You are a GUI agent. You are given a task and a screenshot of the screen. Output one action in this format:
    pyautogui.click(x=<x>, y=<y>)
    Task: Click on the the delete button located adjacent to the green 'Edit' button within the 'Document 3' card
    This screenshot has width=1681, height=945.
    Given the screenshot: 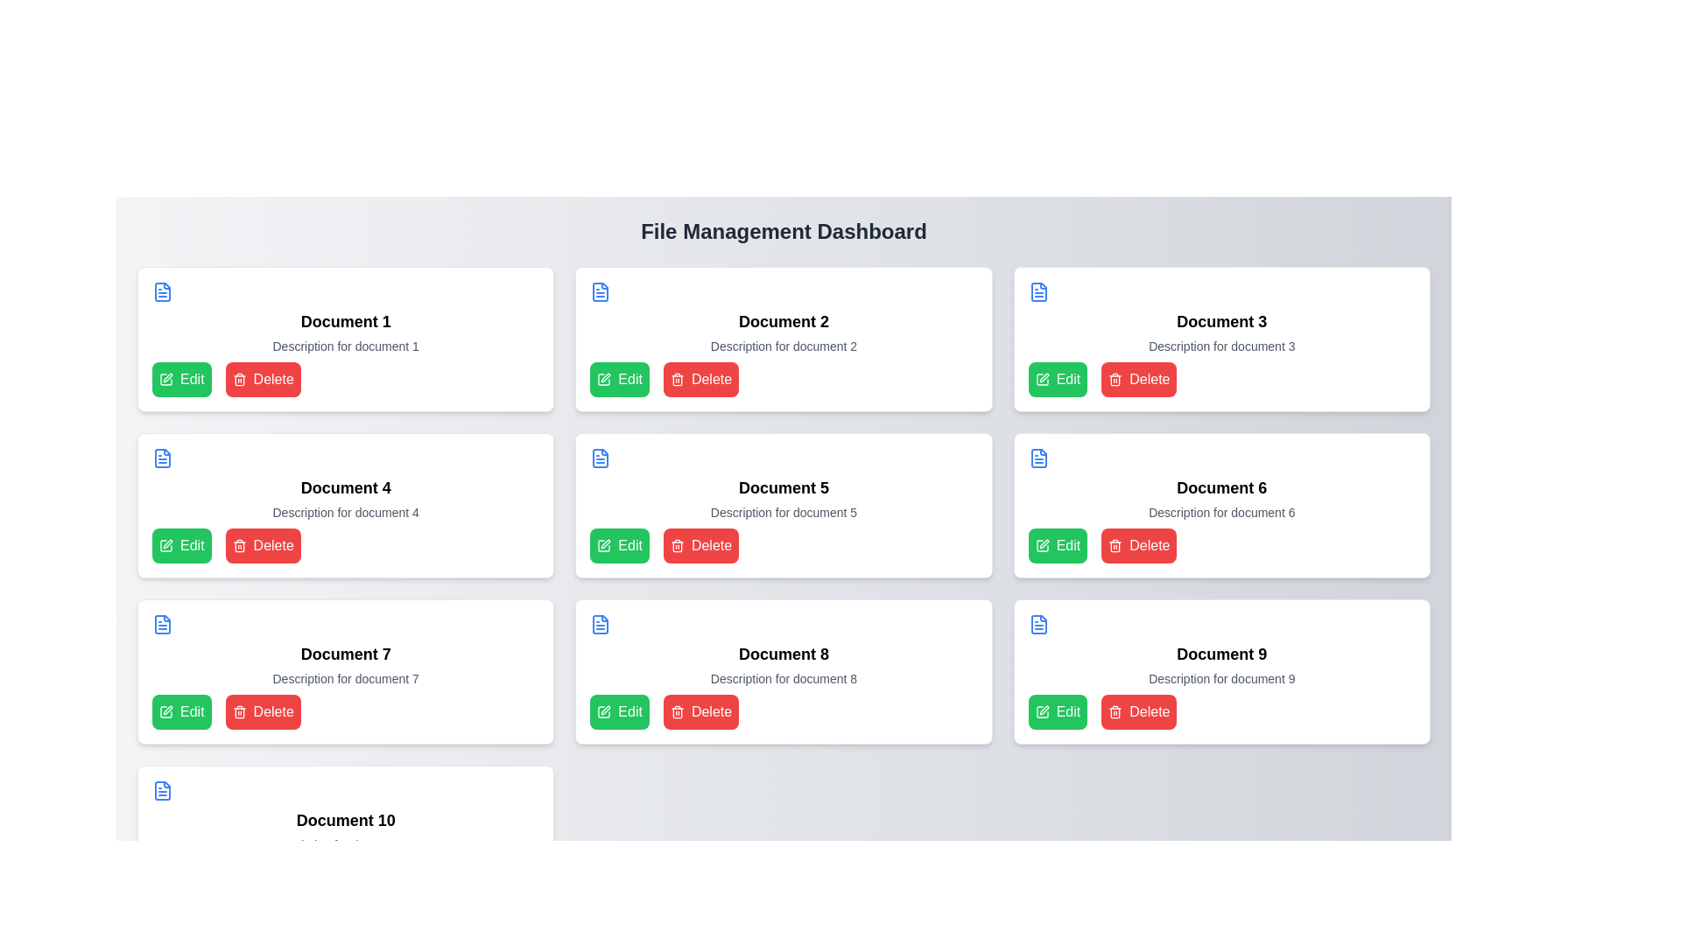 What is the action you would take?
    pyautogui.click(x=1139, y=379)
    